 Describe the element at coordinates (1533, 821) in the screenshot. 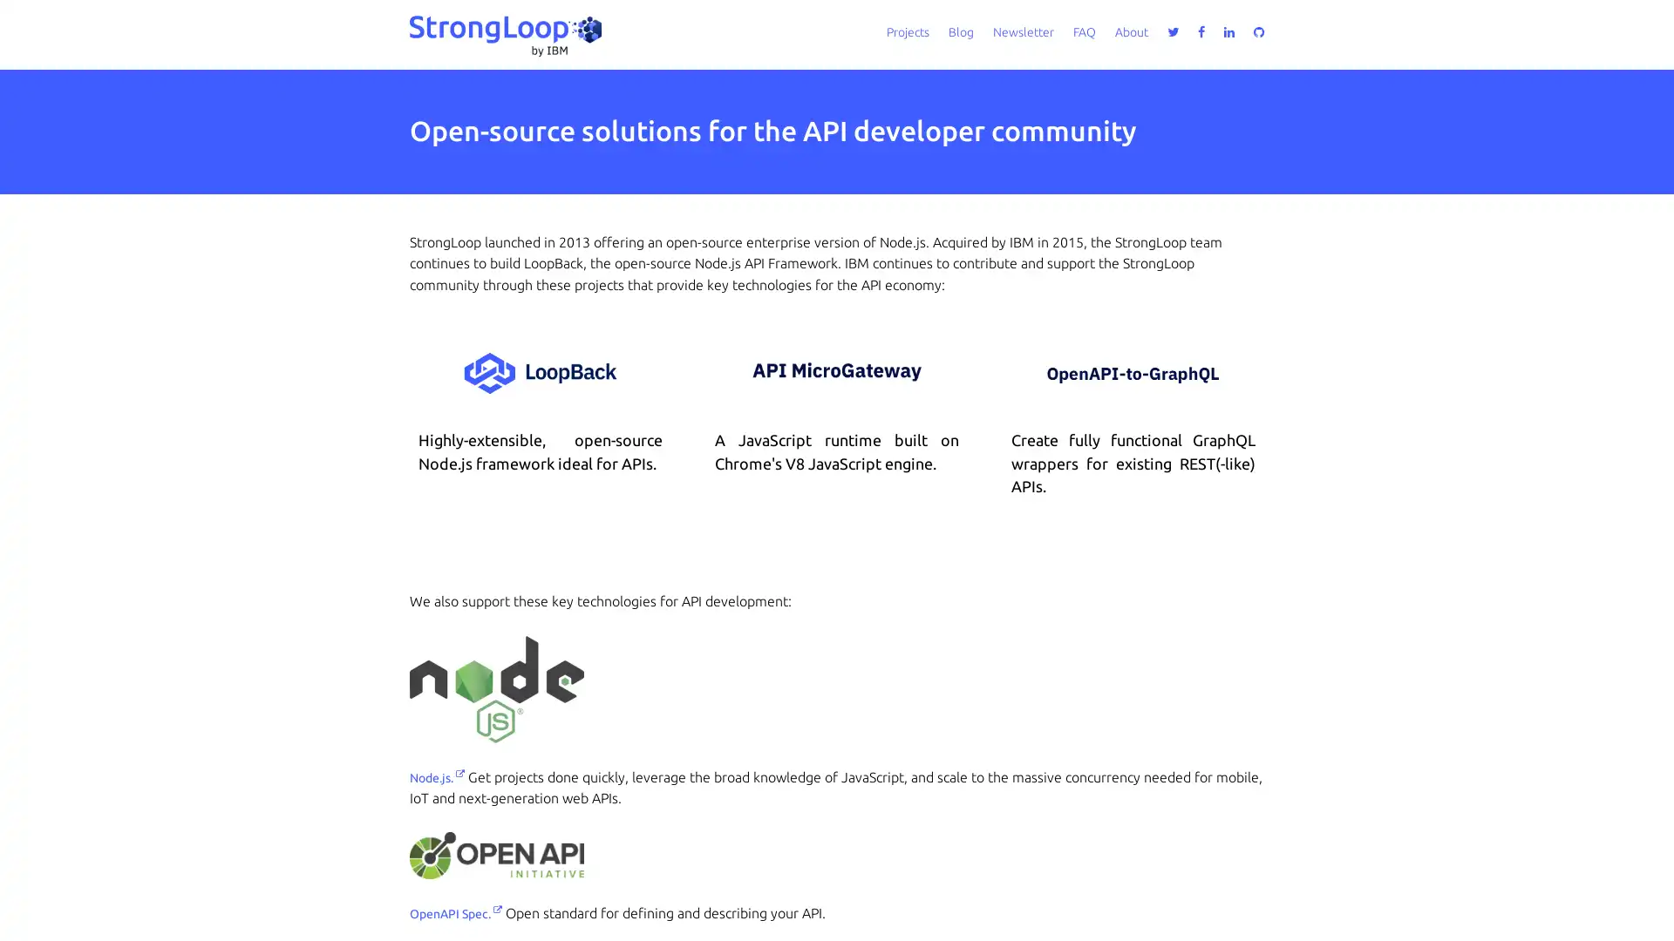

I see `Accept all` at that location.